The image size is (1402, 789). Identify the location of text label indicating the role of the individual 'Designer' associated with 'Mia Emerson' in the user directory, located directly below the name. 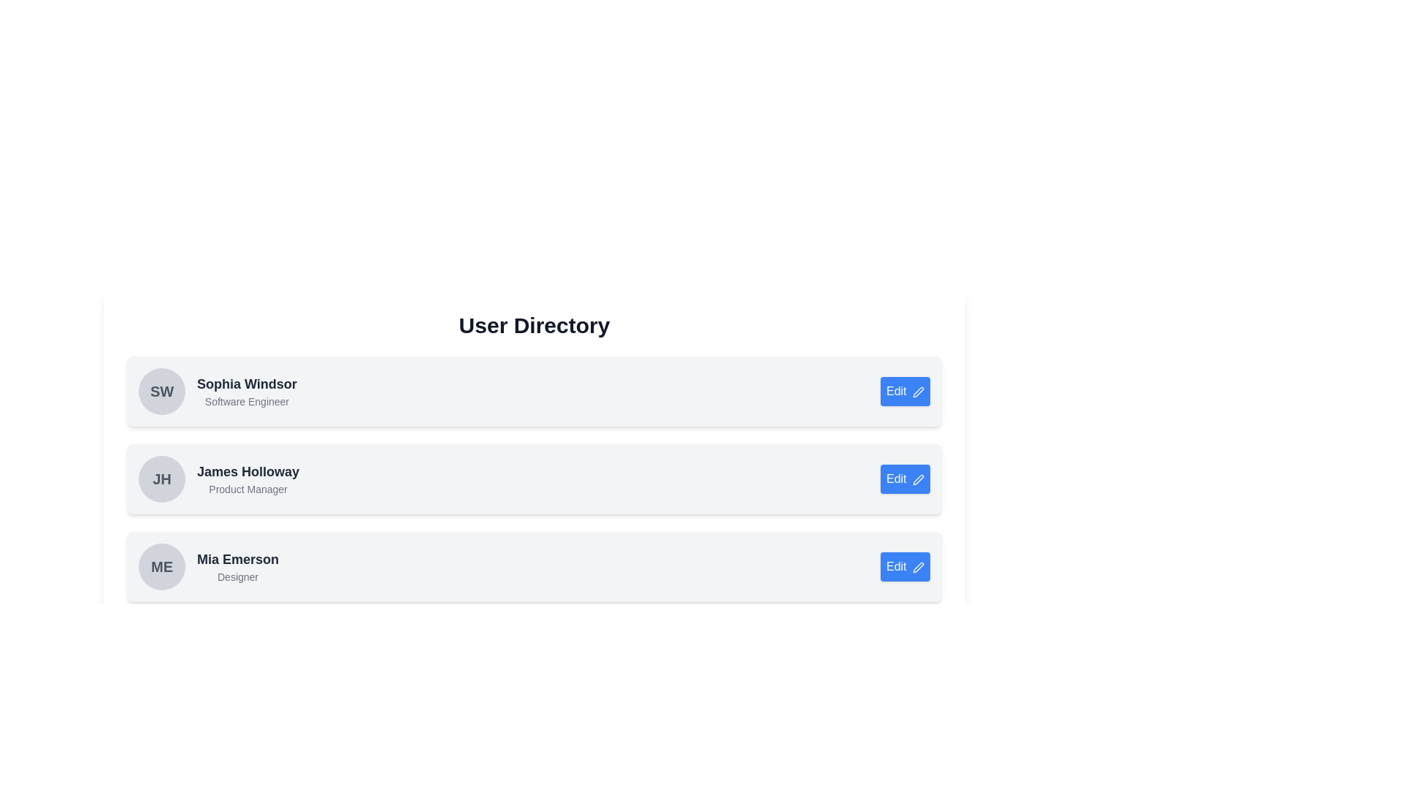
(238, 576).